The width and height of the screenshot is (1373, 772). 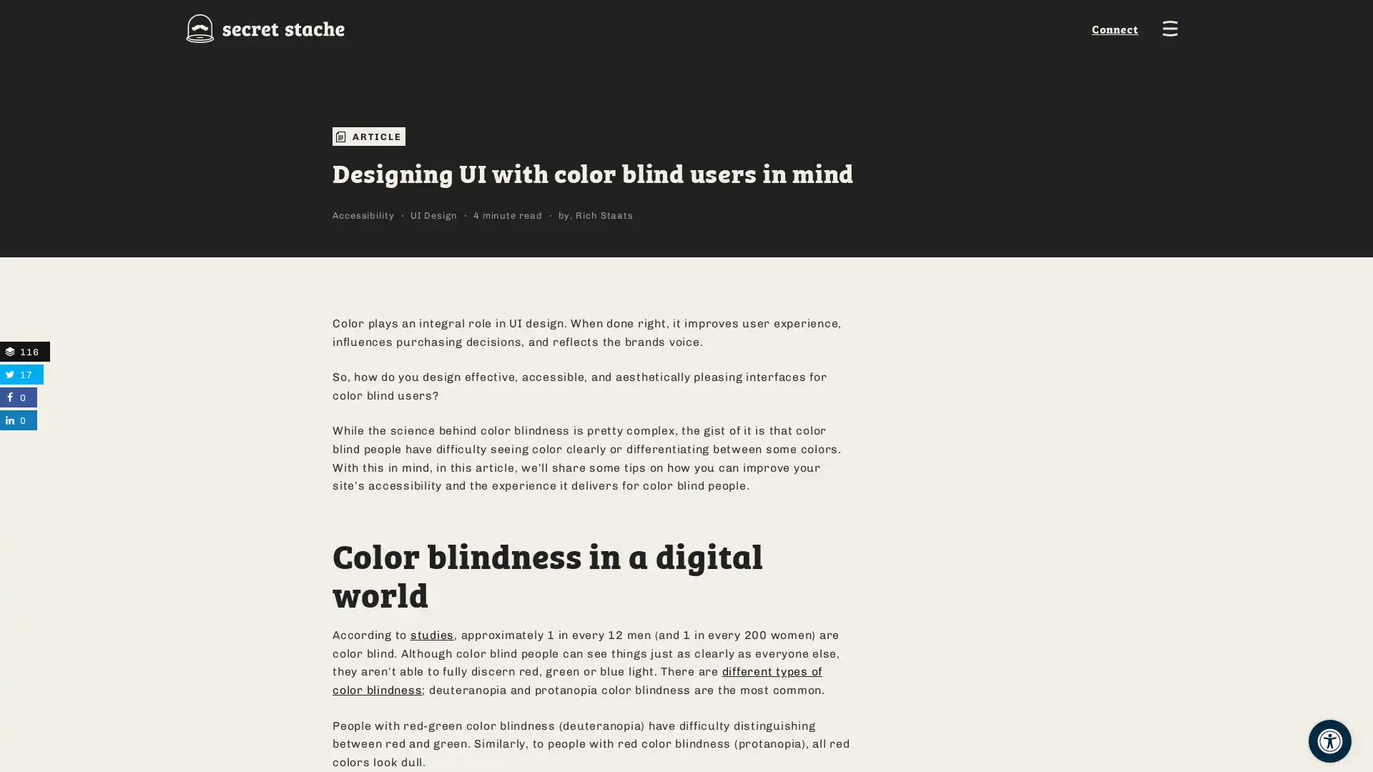 What do you see at coordinates (1329, 741) in the screenshot?
I see `PageAssist Discover your personalisation options` at bounding box center [1329, 741].